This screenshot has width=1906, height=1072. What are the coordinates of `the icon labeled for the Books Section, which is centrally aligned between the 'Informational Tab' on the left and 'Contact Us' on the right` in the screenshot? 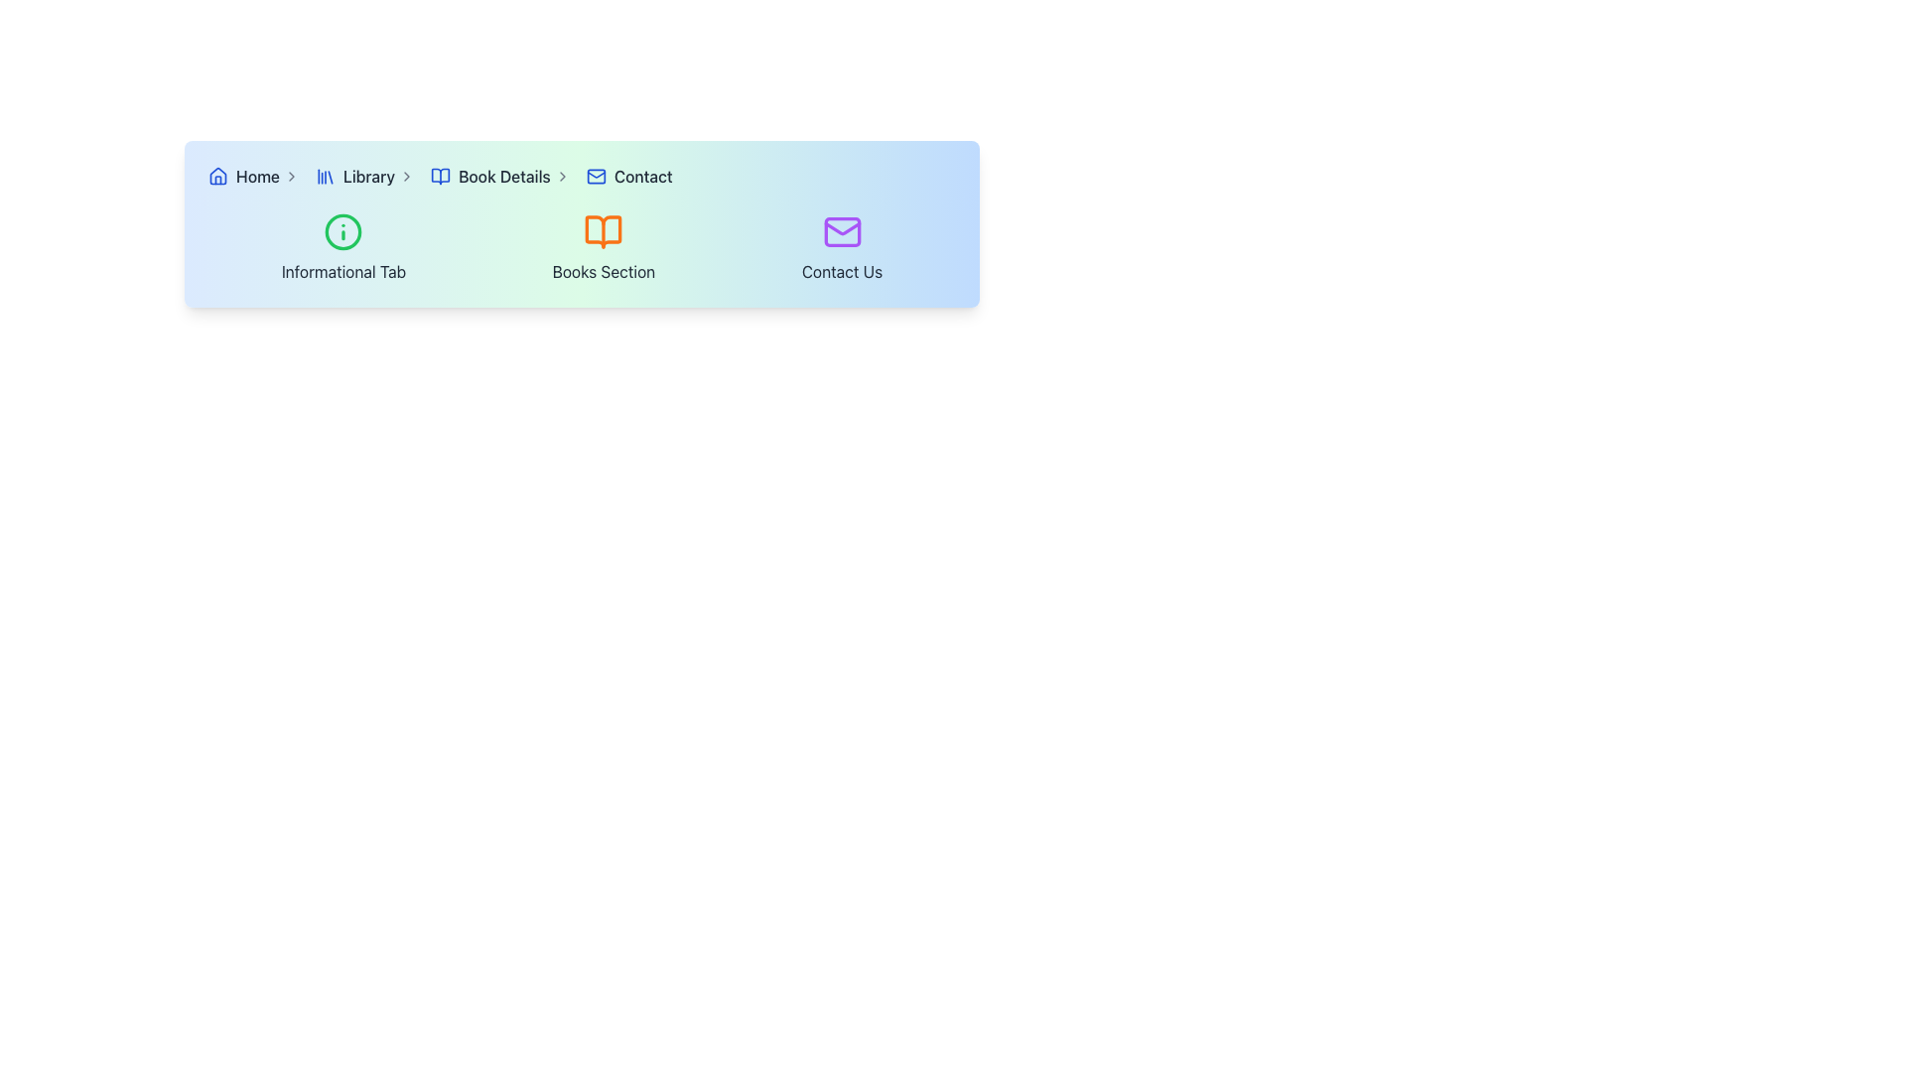 It's located at (581, 284).